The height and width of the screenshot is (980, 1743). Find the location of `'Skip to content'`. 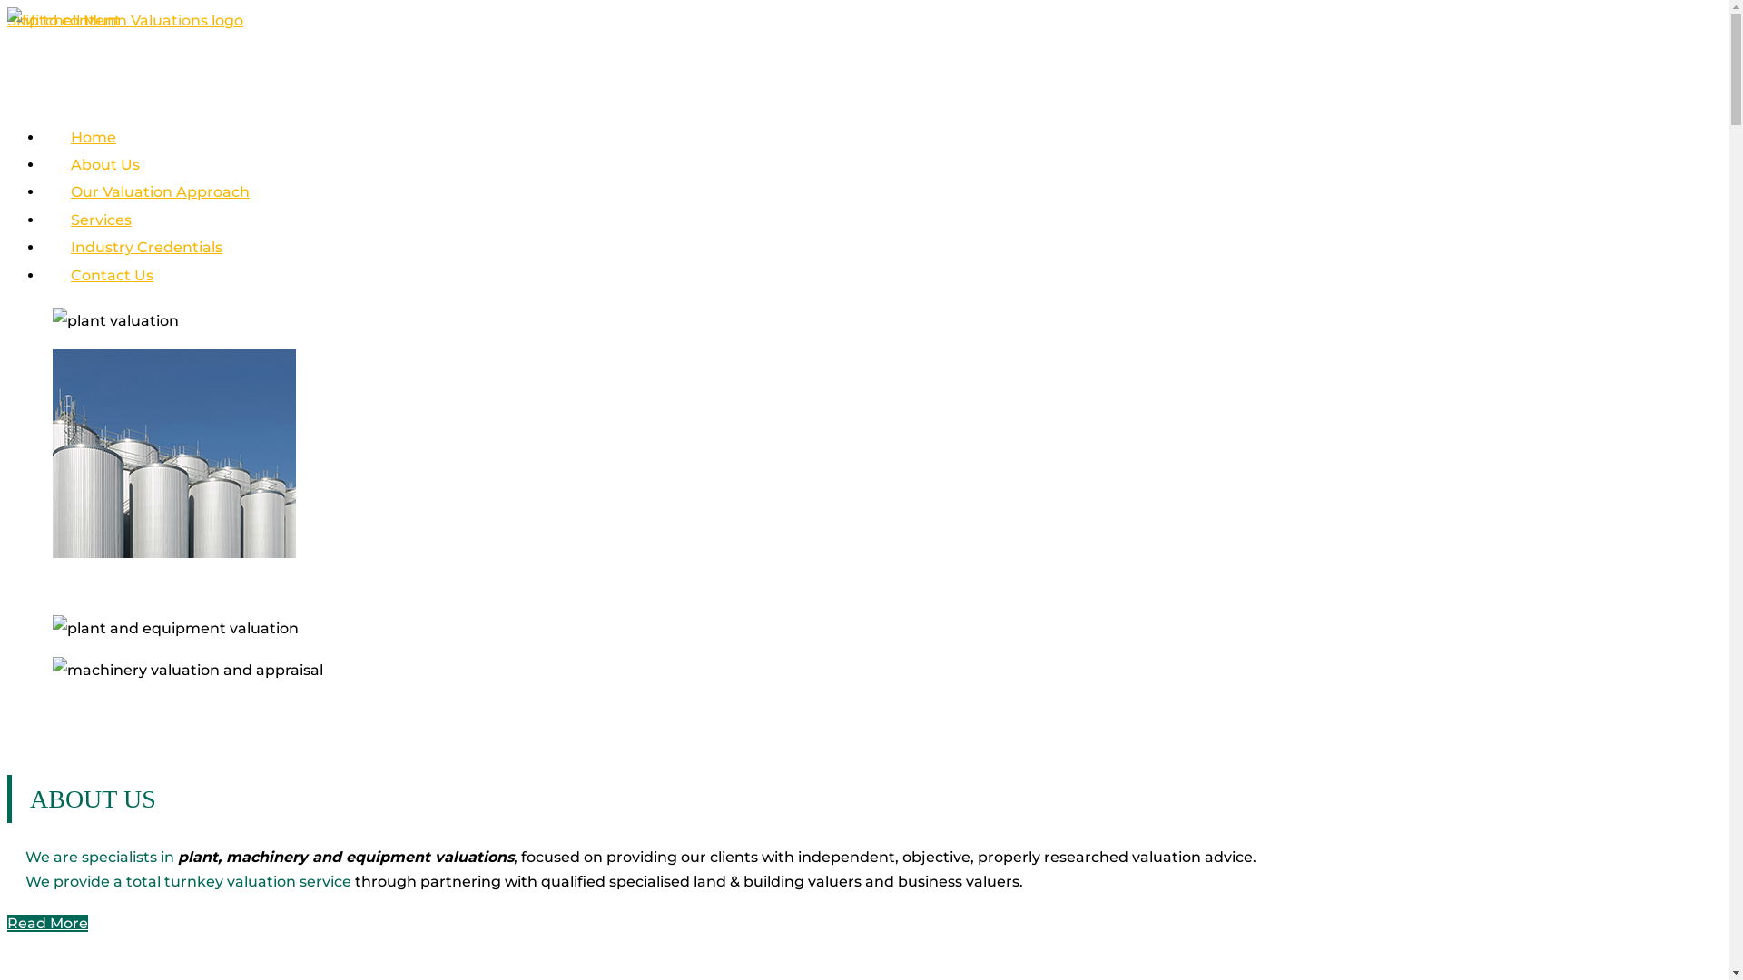

'Skip to content' is located at coordinates (64, 20).